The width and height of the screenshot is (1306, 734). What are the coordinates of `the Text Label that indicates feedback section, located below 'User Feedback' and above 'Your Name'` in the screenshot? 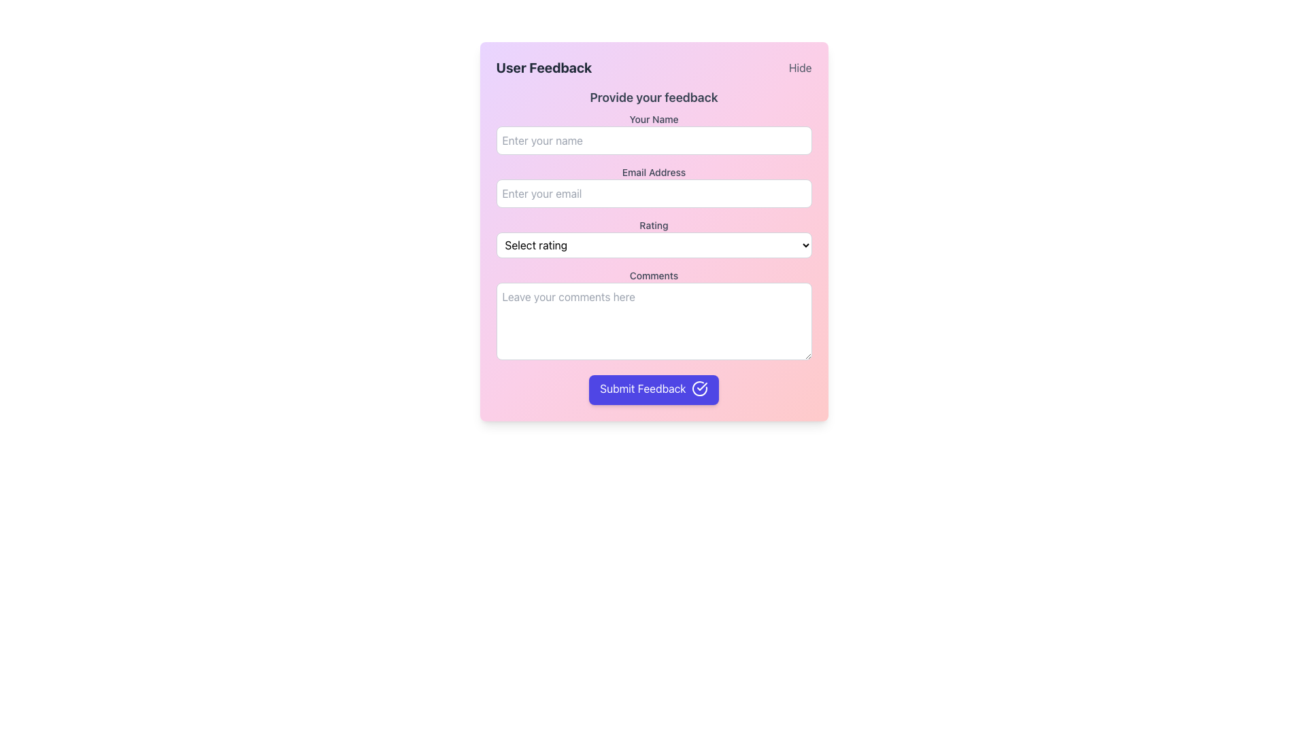 It's located at (654, 97).